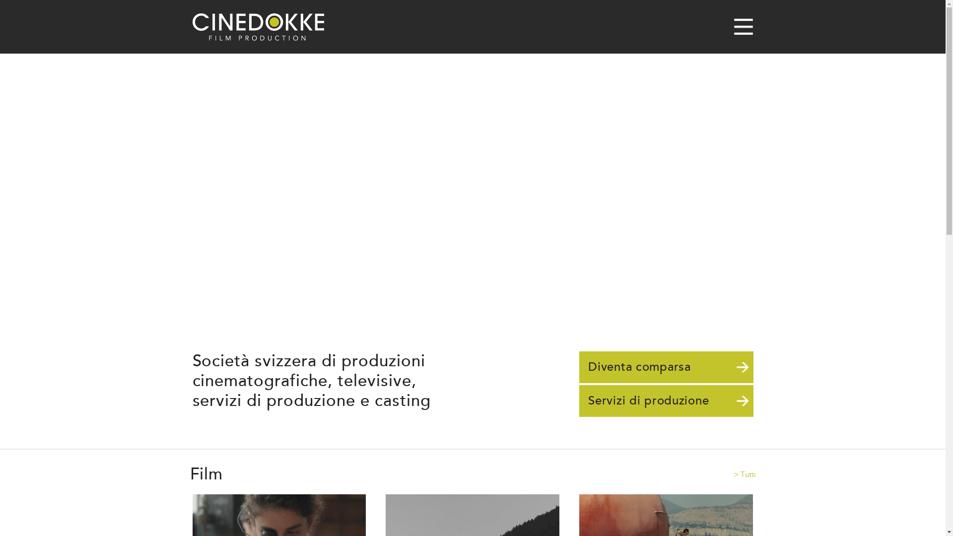 The width and height of the screenshot is (953, 536). Describe the element at coordinates (666, 400) in the screenshot. I see `'Servizi di produzione'` at that location.